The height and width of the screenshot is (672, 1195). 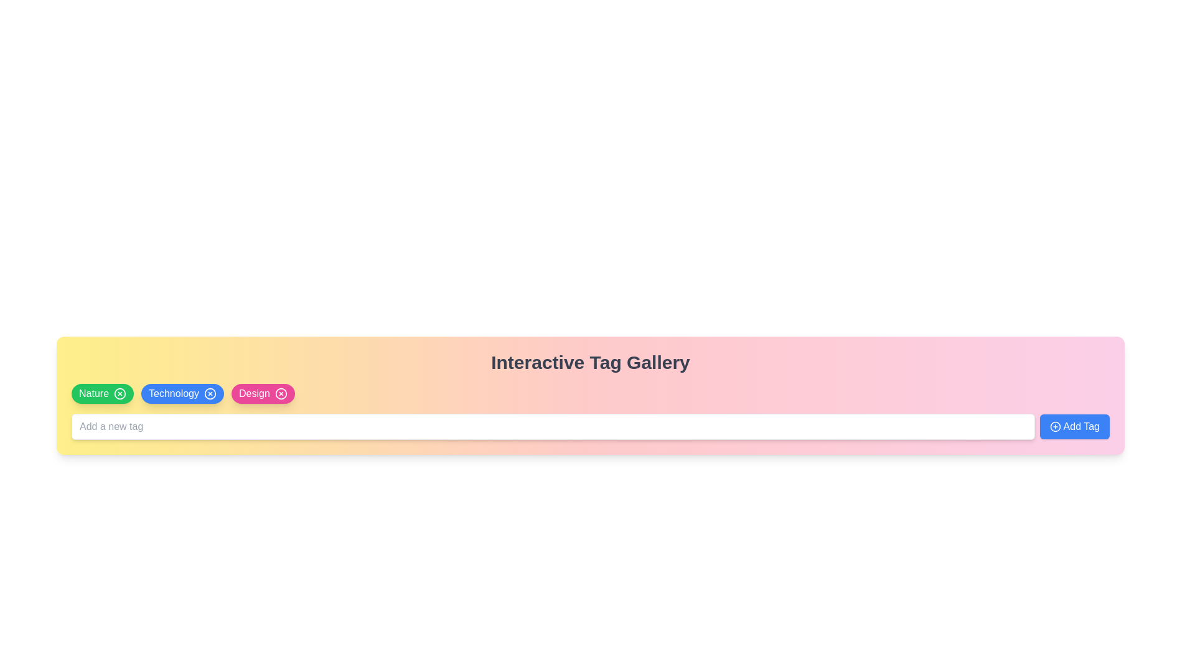 I want to click on the Icon button to the right of the 'Design' label, which is part of a rounded rectangular button used, so click(x=280, y=393).